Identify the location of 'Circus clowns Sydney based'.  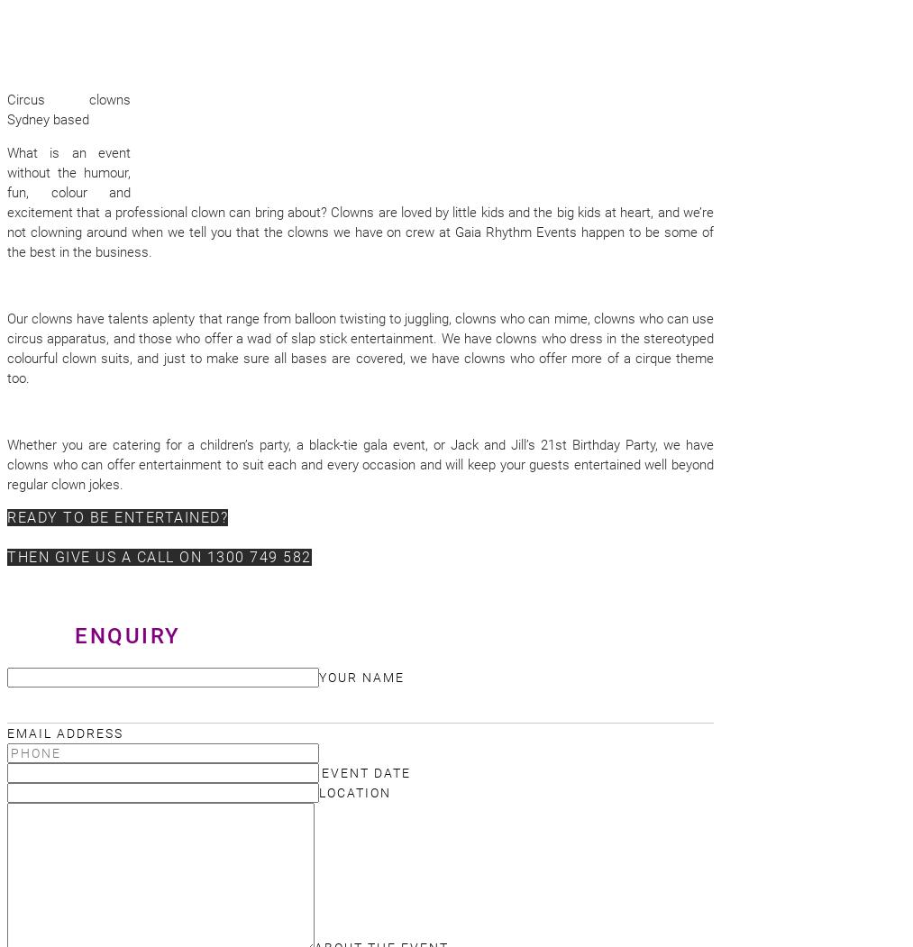
(68, 109).